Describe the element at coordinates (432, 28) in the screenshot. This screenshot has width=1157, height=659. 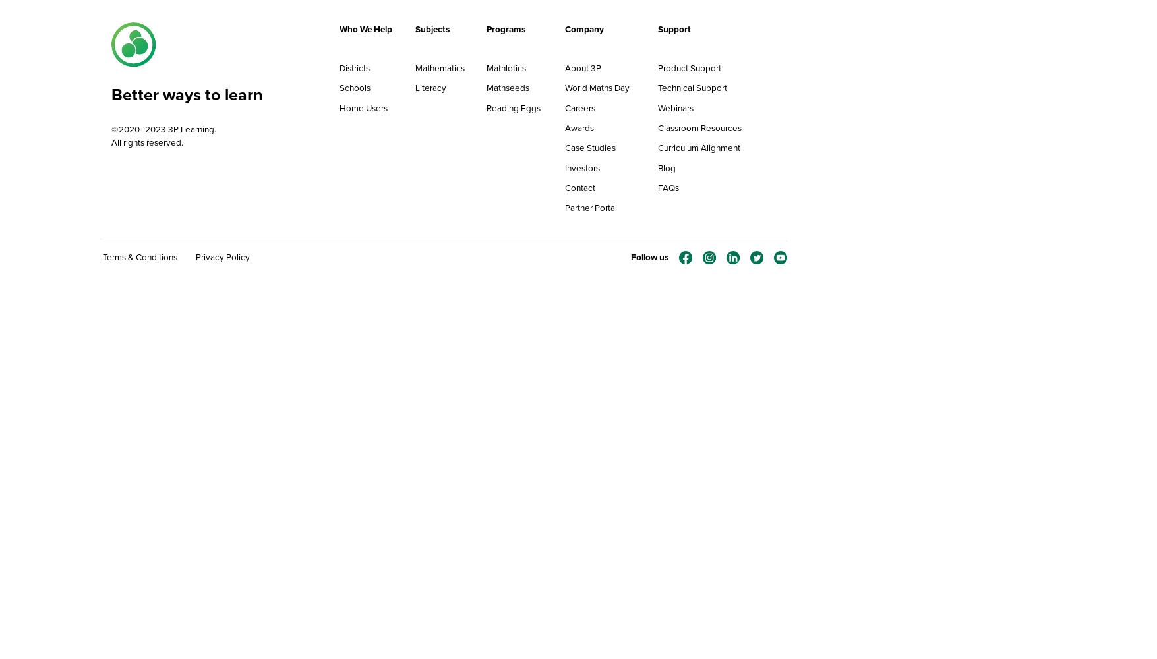
I see `'Subjects'` at that location.